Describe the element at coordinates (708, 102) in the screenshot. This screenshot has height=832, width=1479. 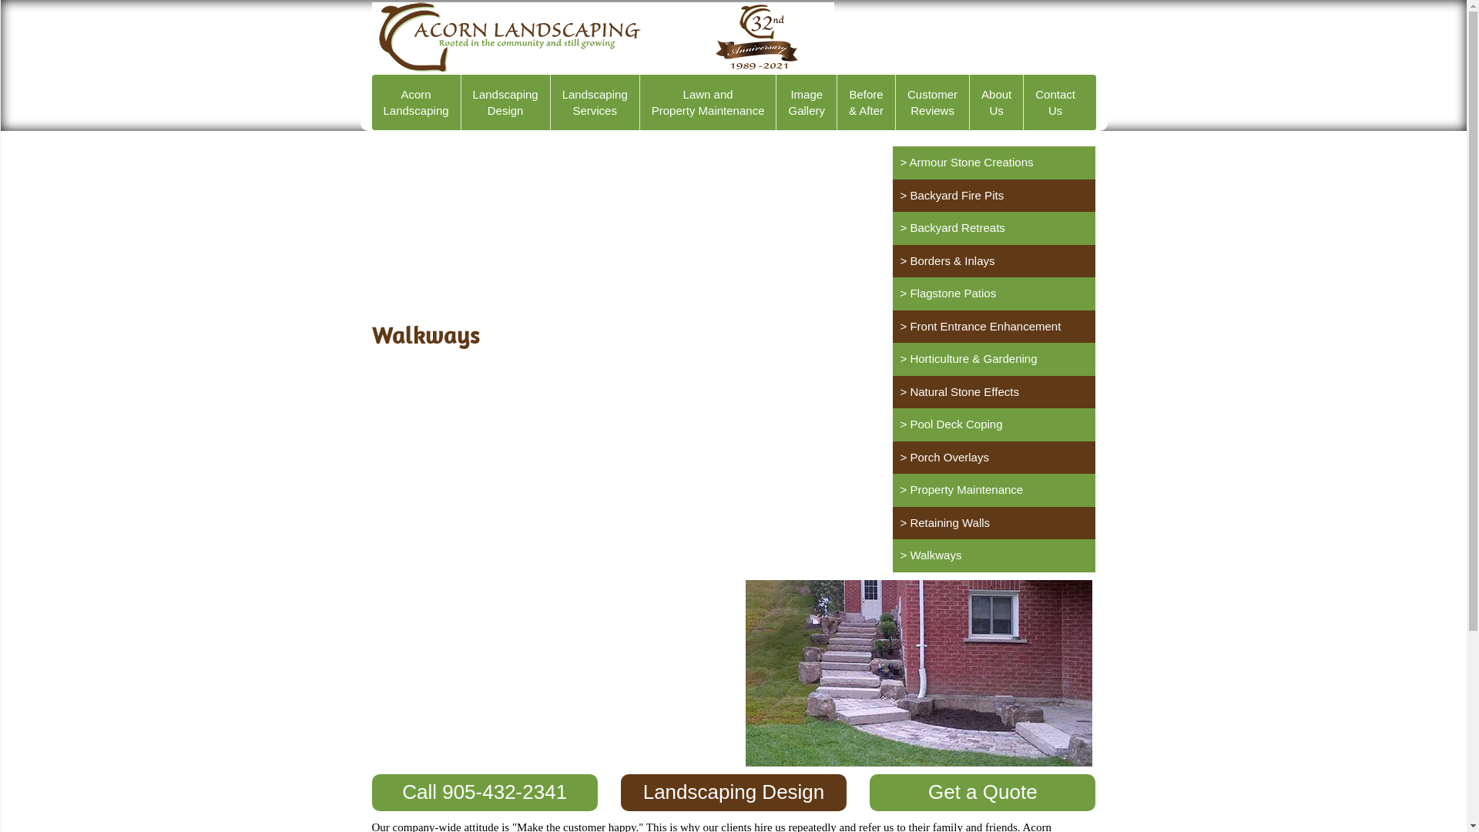
I see `'Lawn and` at that location.